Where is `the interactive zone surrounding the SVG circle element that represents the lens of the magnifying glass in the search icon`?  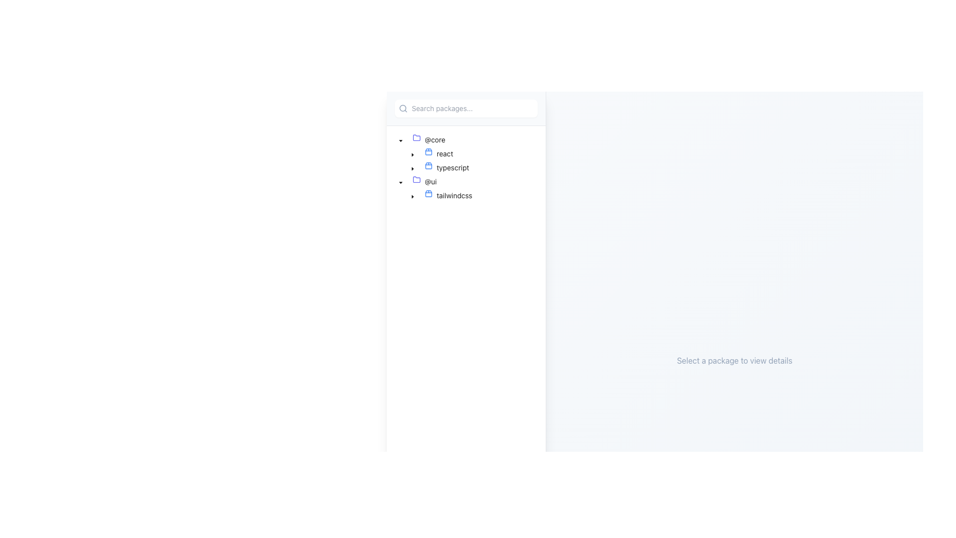
the interactive zone surrounding the SVG circle element that represents the lens of the magnifying glass in the search icon is located at coordinates (403, 108).